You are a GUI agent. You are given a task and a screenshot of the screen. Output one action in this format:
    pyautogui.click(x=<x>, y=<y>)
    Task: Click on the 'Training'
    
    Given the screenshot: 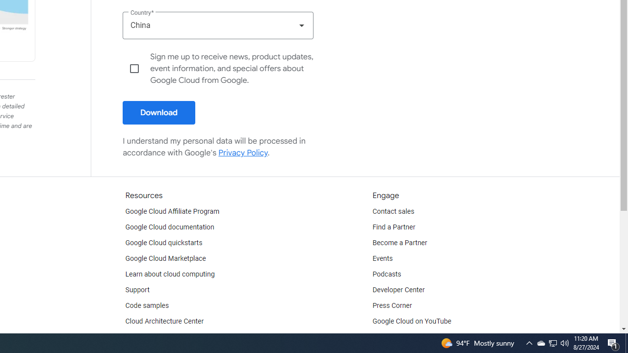 What is the action you would take?
    pyautogui.click(x=137, y=336)
    